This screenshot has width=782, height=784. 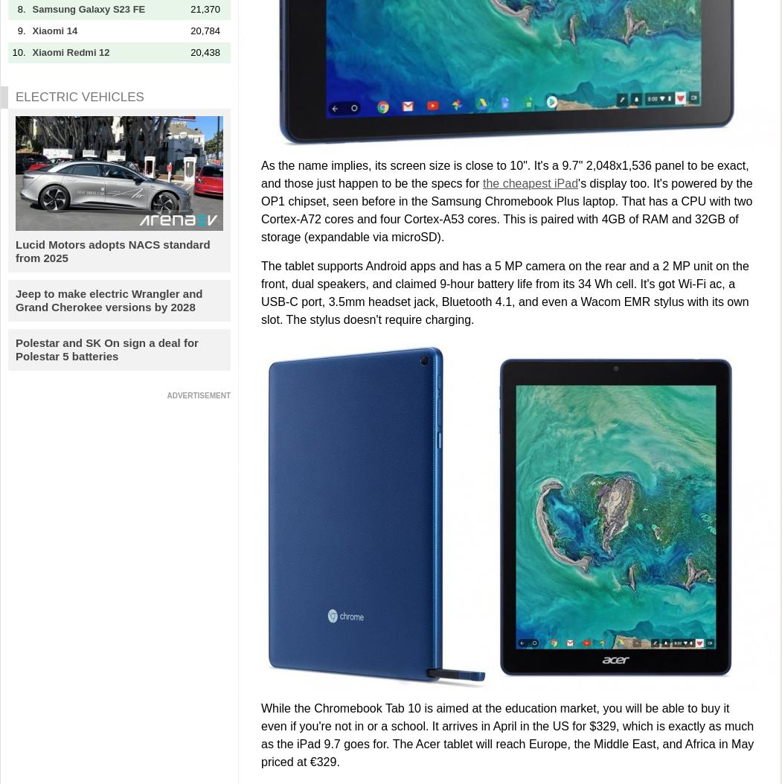 What do you see at coordinates (205, 8) in the screenshot?
I see `'21,370'` at bounding box center [205, 8].